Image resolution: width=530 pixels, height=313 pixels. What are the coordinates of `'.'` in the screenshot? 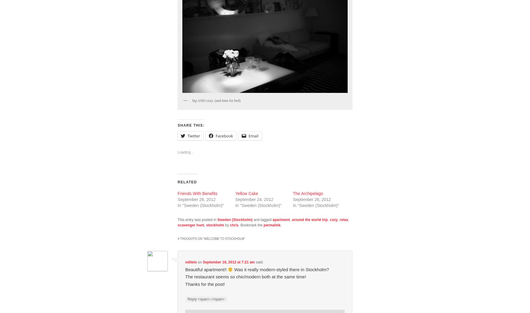 It's located at (281, 225).